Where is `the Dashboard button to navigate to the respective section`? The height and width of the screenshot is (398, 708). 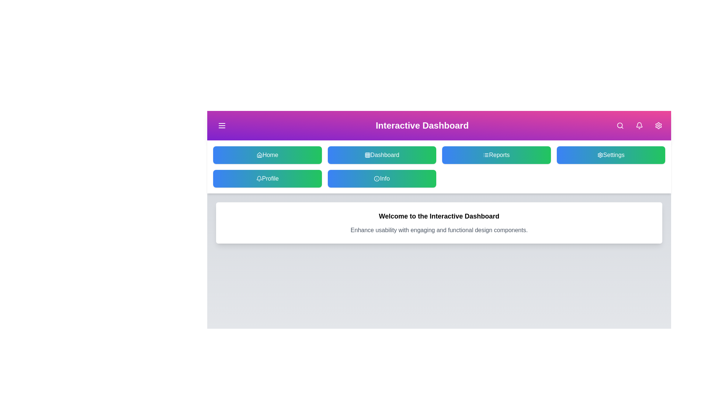 the Dashboard button to navigate to the respective section is located at coordinates (382, 154).